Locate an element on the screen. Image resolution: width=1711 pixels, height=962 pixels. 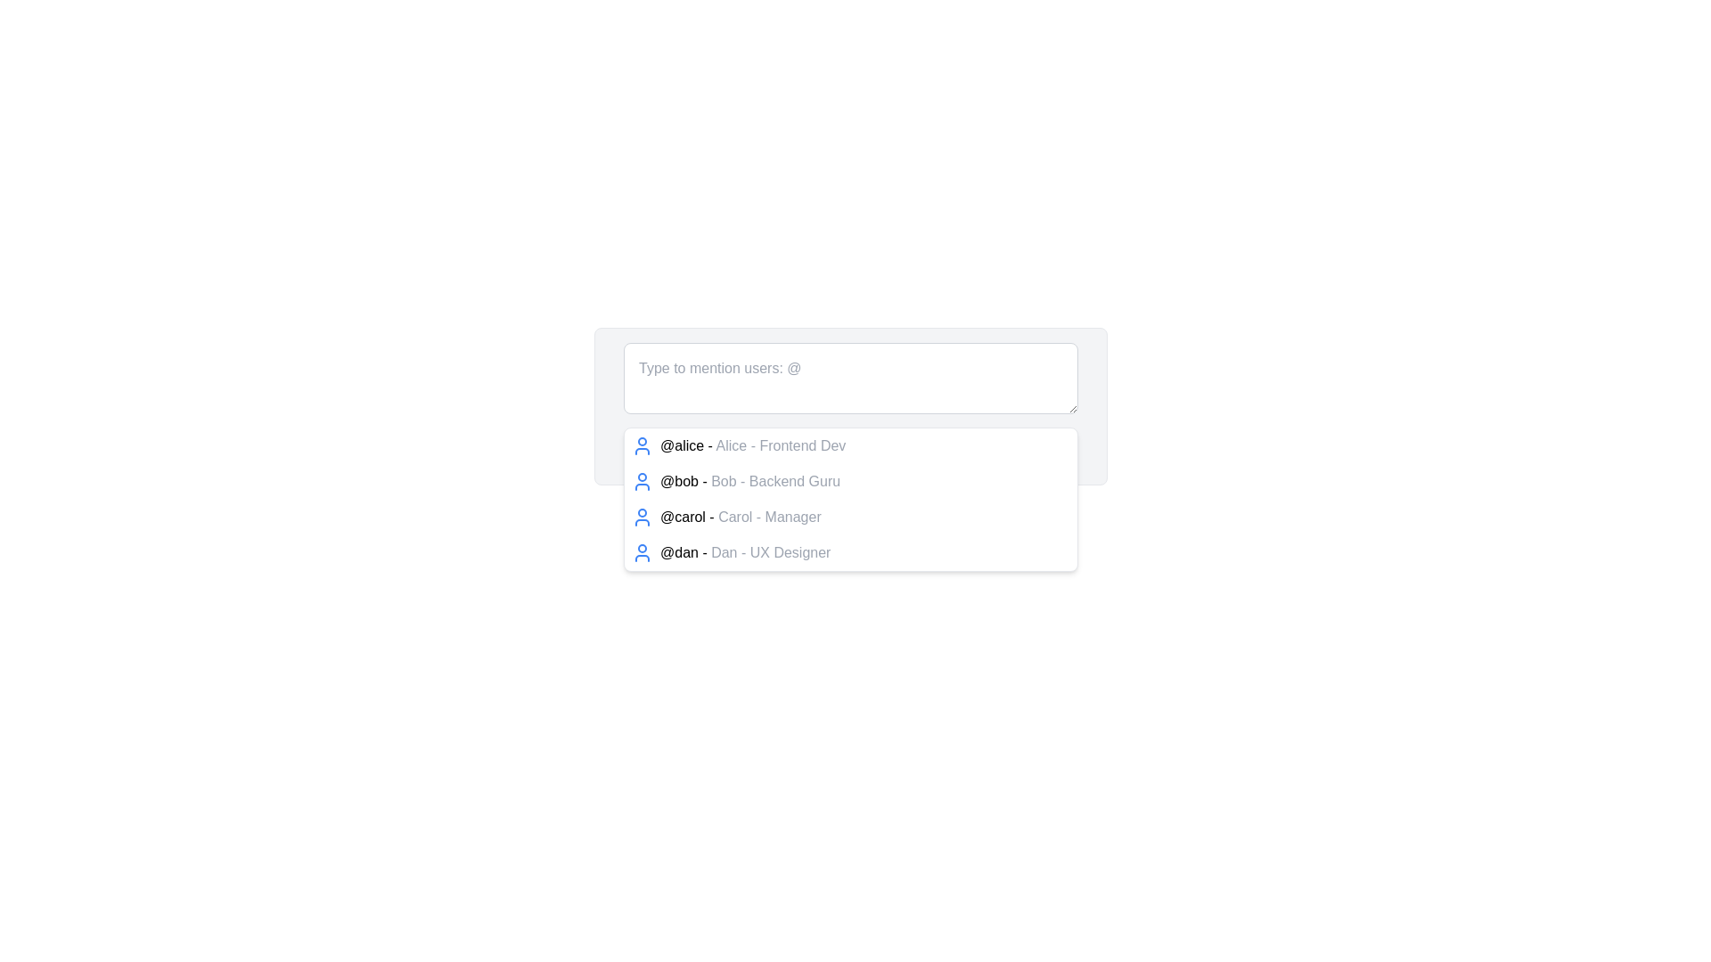
text label displaying 'Bob - Backend Guru' which is part of the dropdown suggestion list under the user mention input field is located at coordinates (775, 481).